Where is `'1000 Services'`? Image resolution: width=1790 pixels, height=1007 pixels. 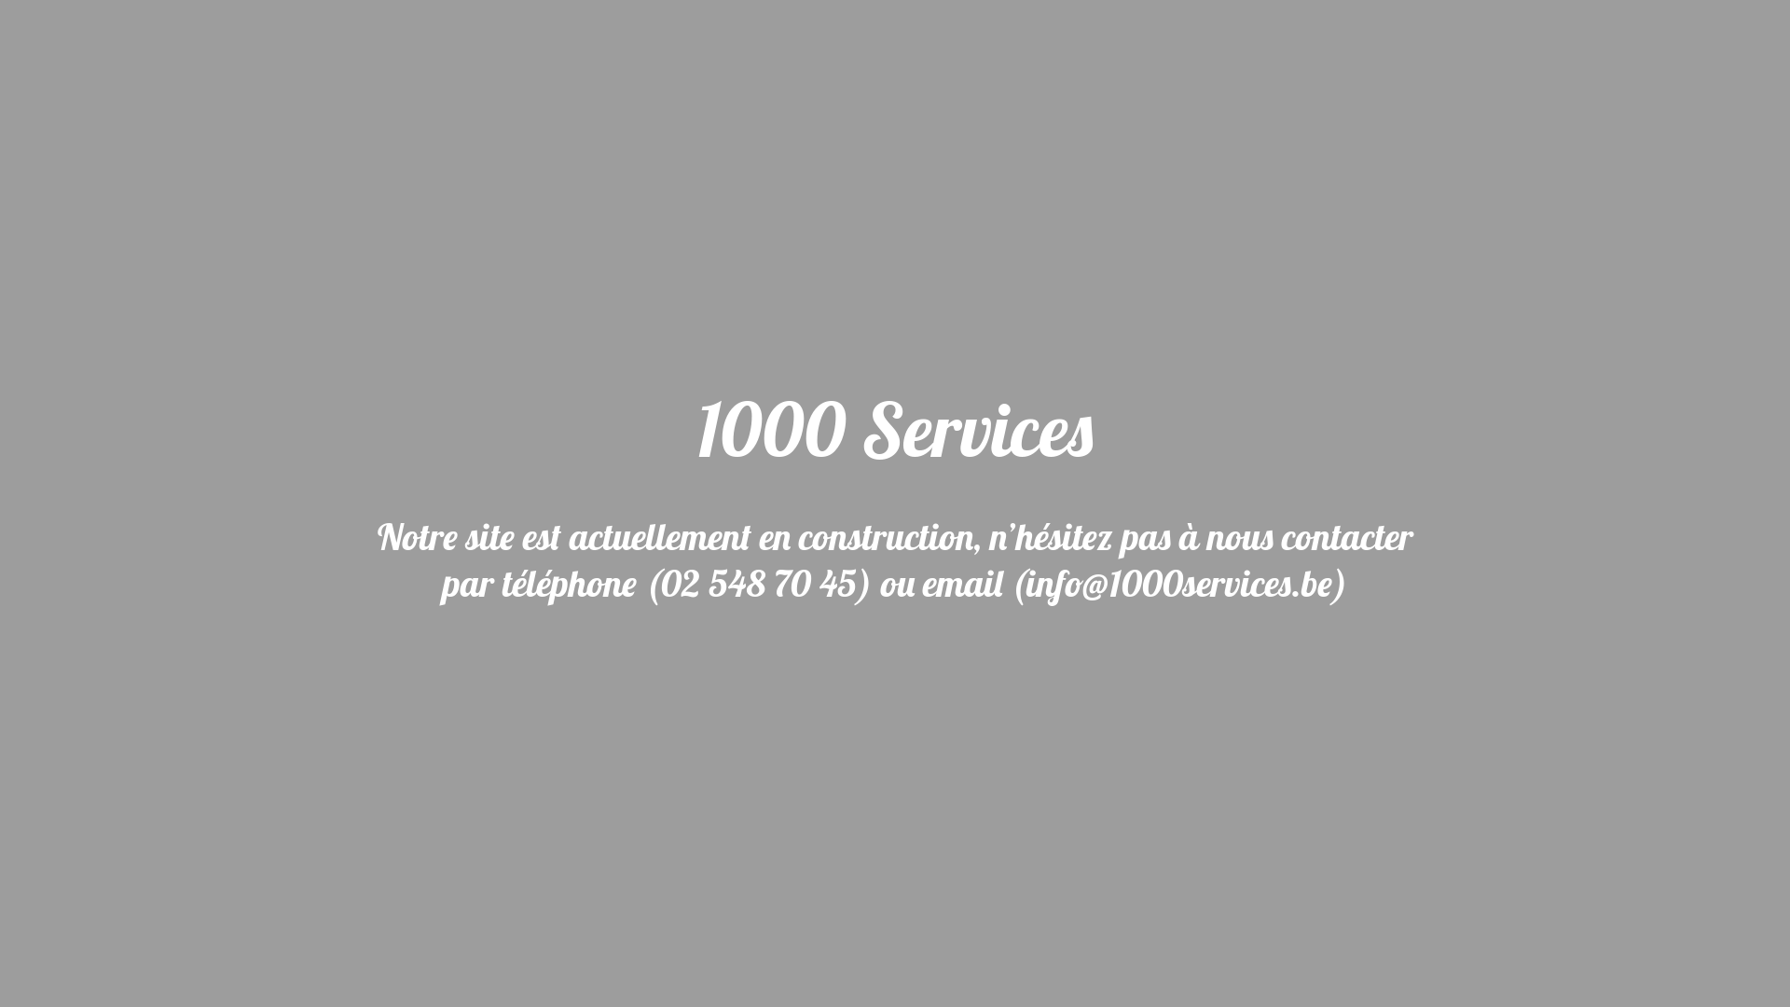 '1000 Services' is located at coordinates (895, 442).